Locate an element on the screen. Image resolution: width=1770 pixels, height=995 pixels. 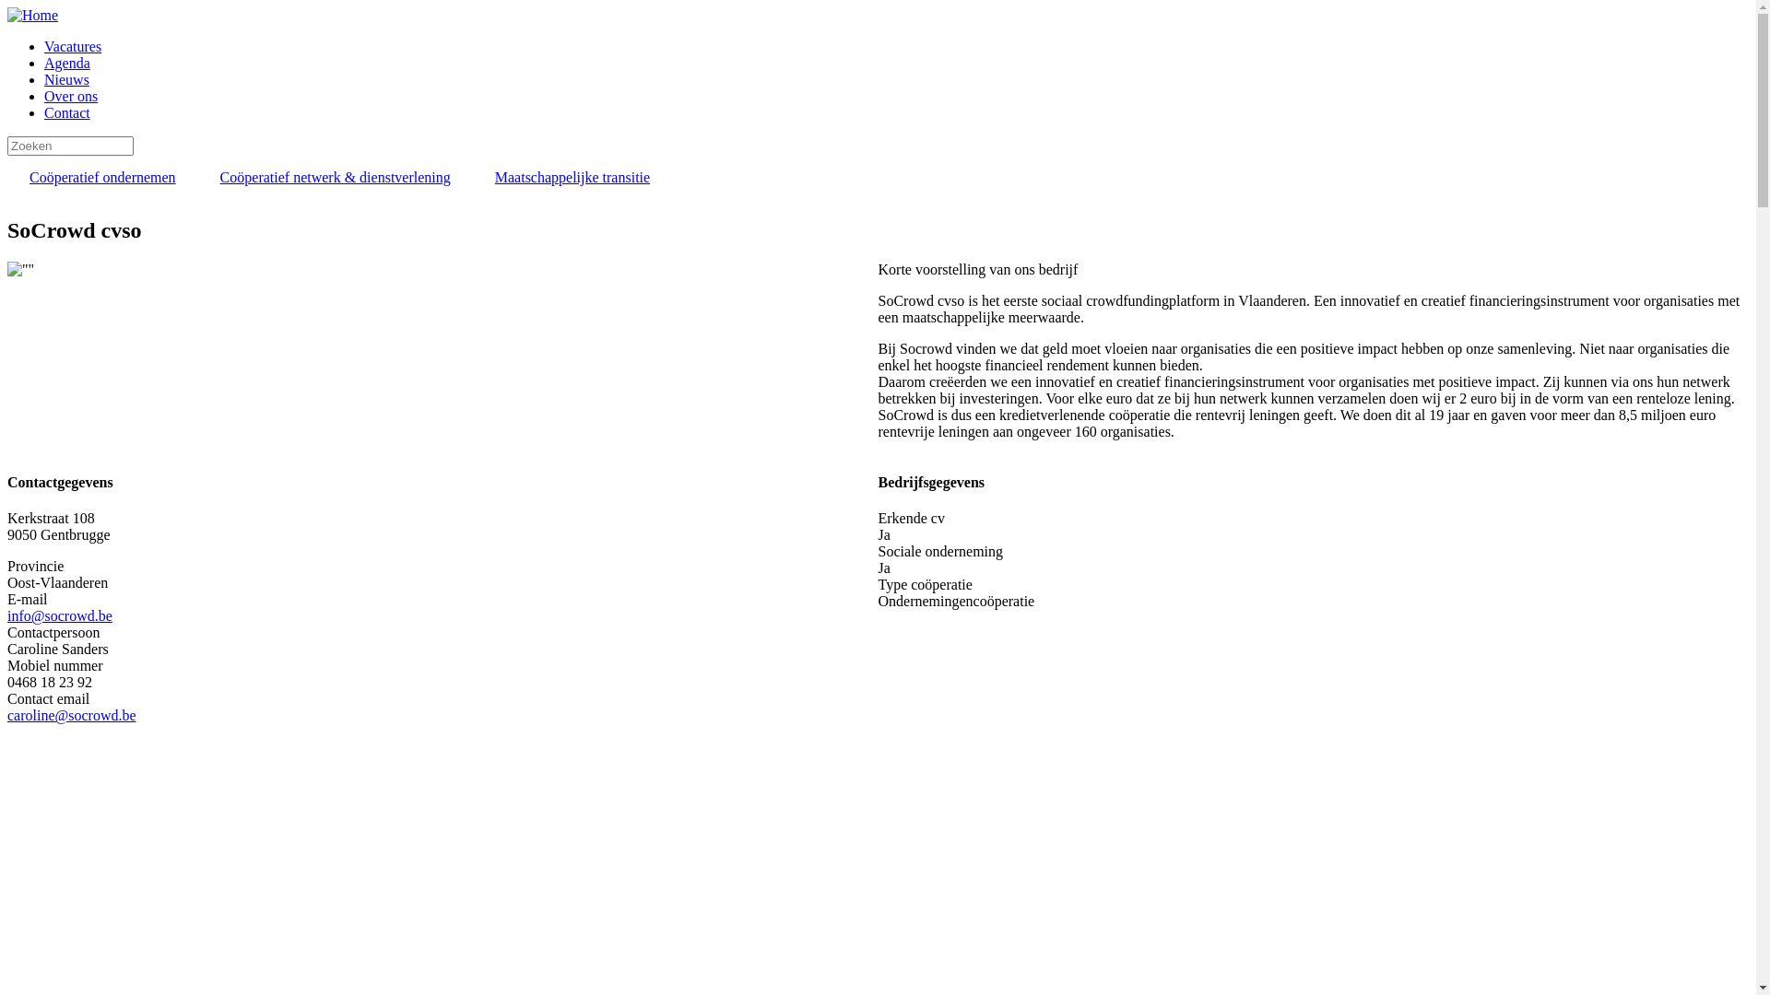
'Contact' is located at coordinates (66, 112).